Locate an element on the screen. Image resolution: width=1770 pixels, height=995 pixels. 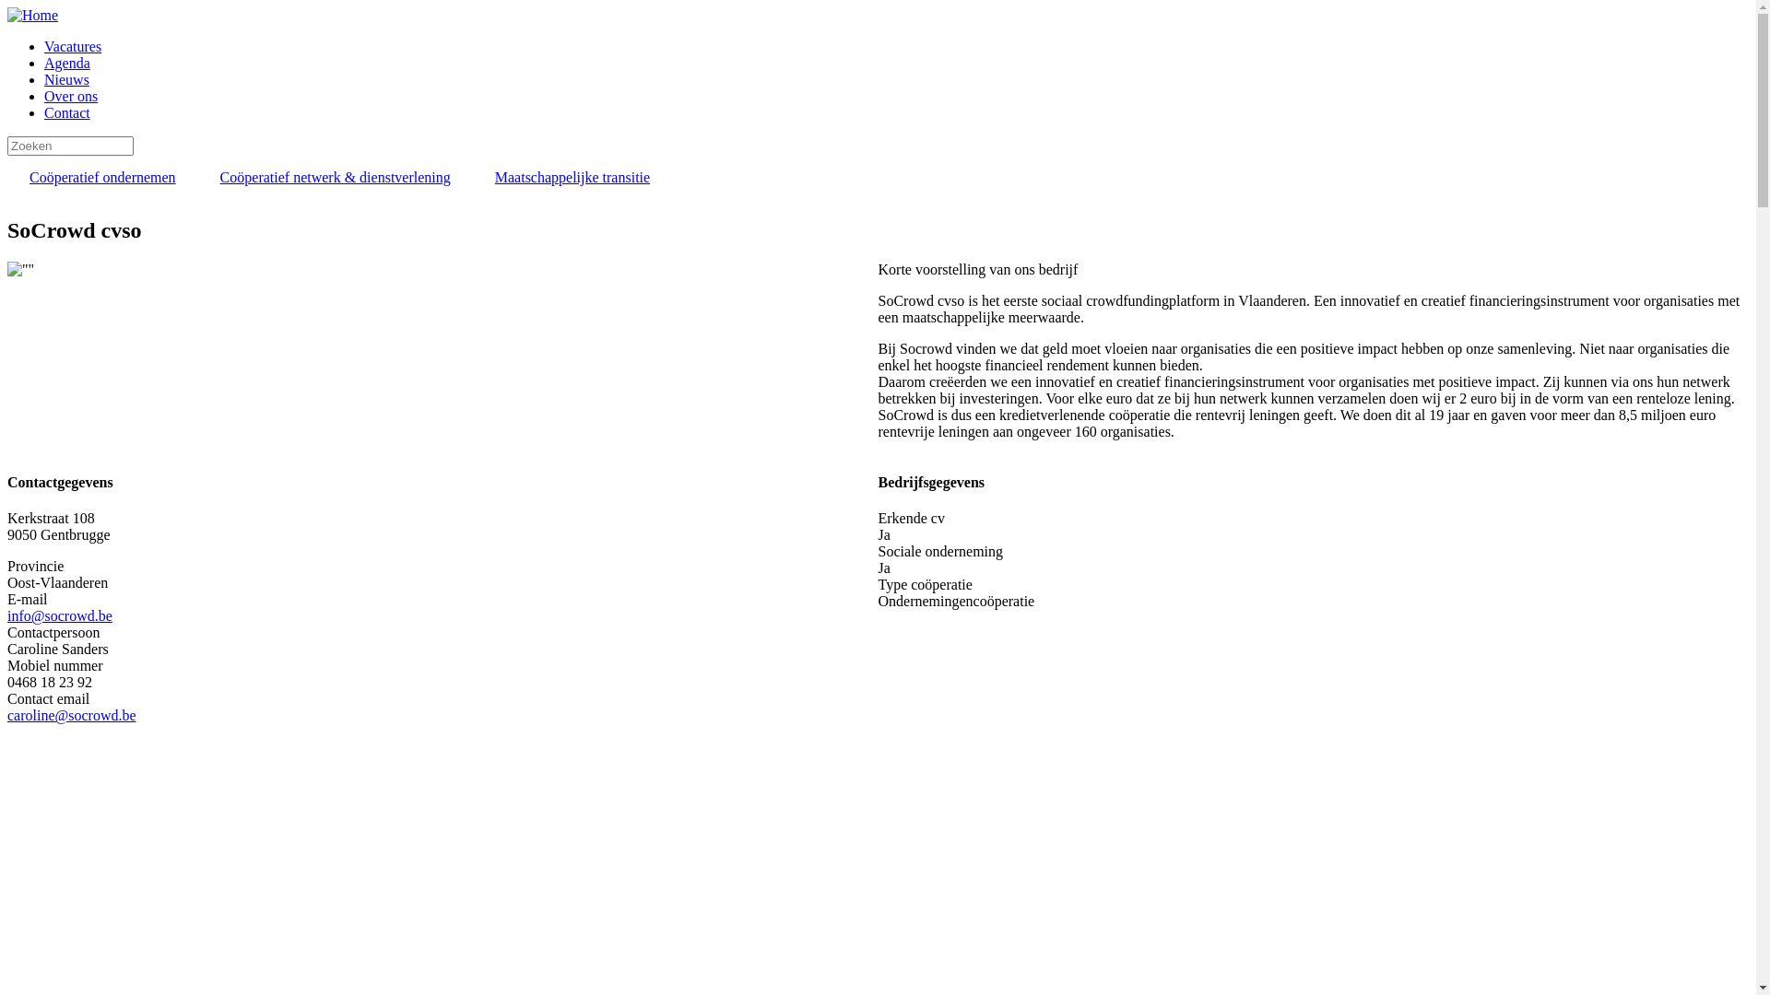
'Contact' is located at coordinates (66, 112).